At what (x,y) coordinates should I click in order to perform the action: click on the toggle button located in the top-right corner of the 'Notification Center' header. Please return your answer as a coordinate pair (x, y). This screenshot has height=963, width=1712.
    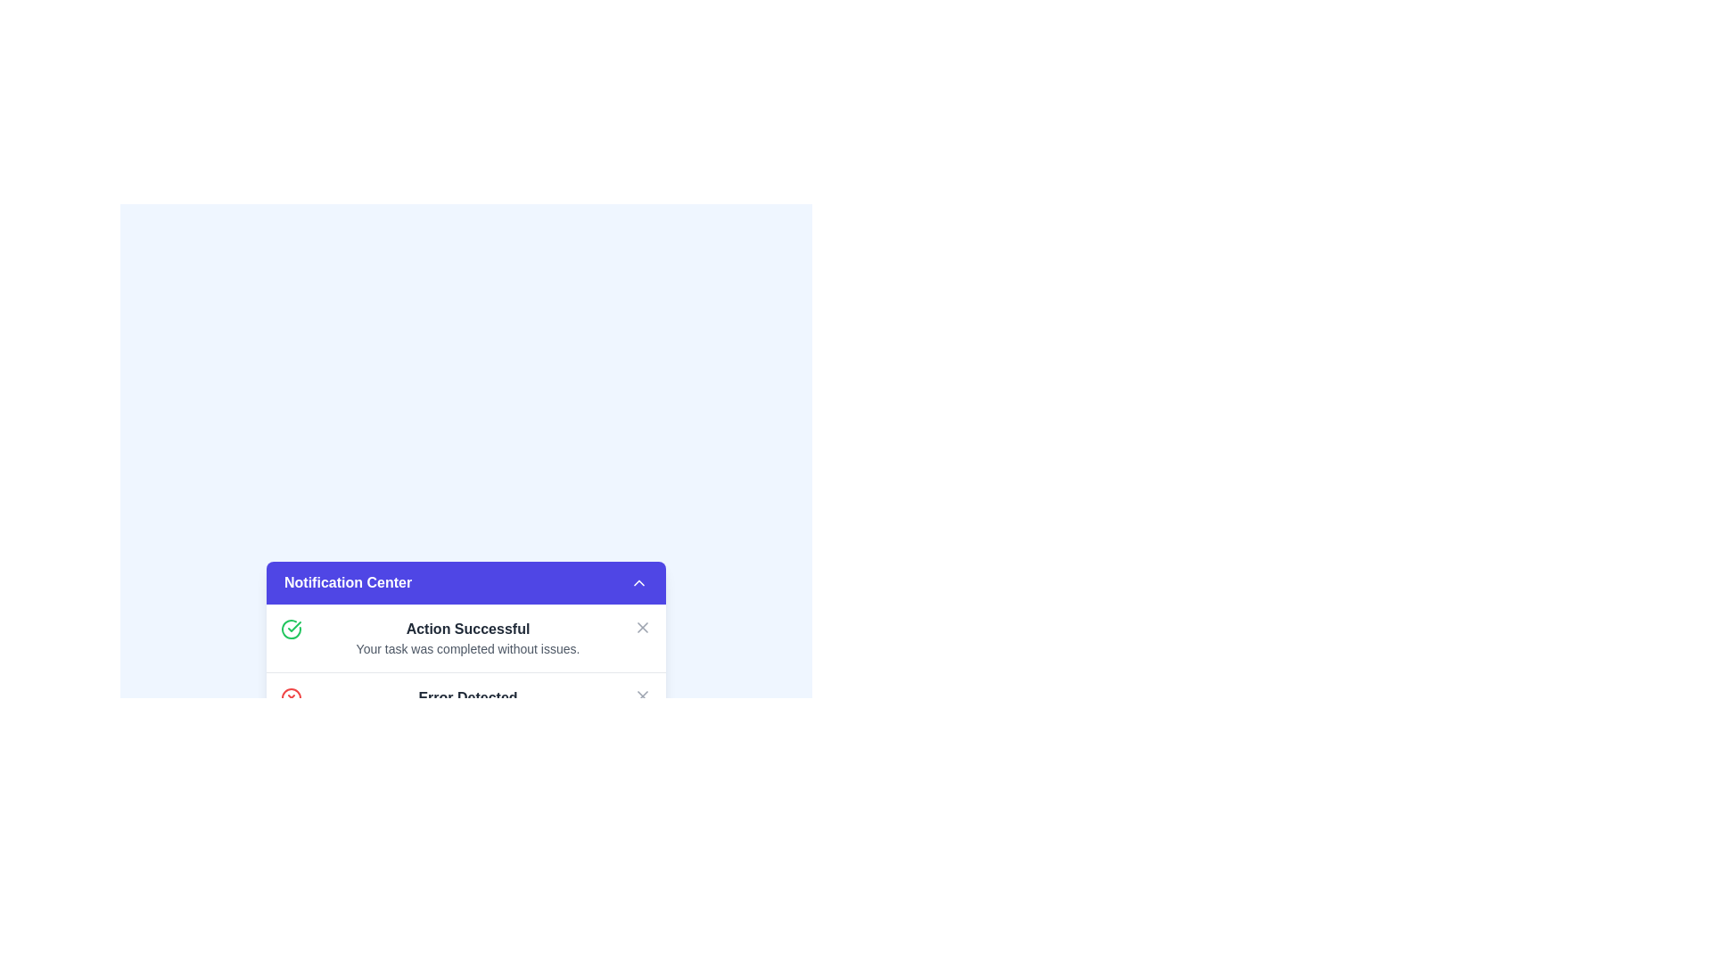
    Looking at the image, I should click on (638, 583).